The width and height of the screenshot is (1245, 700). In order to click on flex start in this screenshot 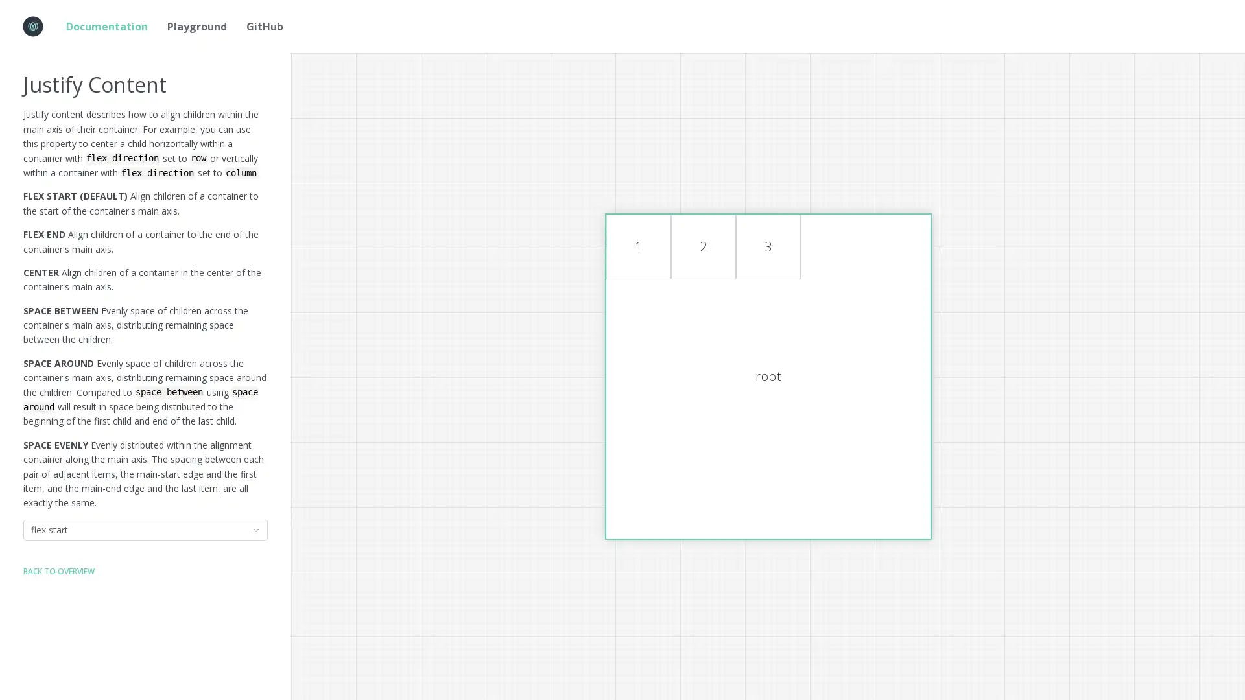, I will do `click(145, 530)`.